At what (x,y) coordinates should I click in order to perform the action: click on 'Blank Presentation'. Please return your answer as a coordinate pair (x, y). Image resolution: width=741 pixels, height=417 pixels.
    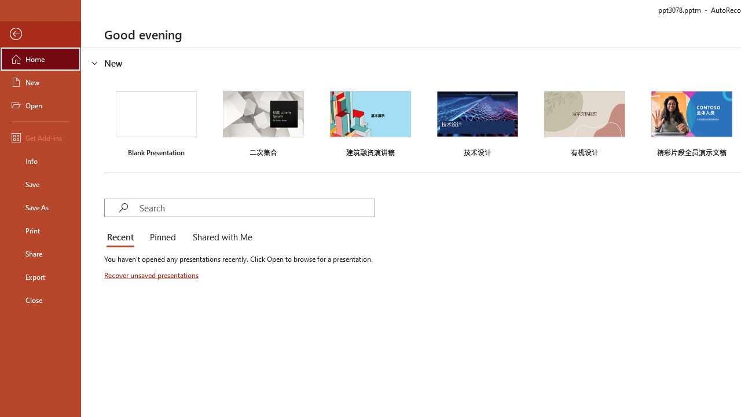
    Looking at the image, I should click on (156, 122).